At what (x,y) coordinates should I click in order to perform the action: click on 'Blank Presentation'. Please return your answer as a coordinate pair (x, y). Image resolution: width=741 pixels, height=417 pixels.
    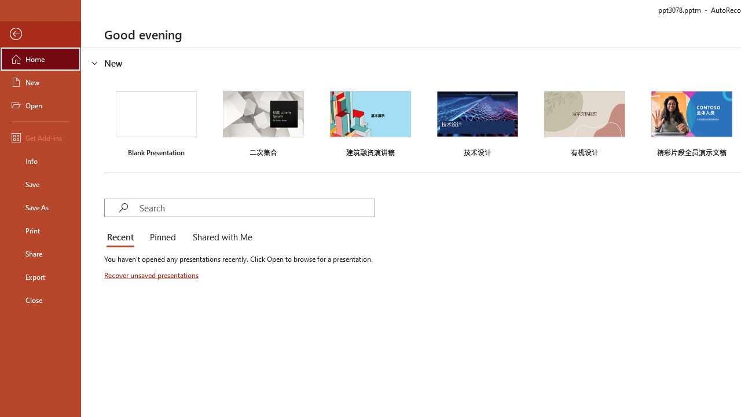
    Looking at the image, I should click on (156, 122).